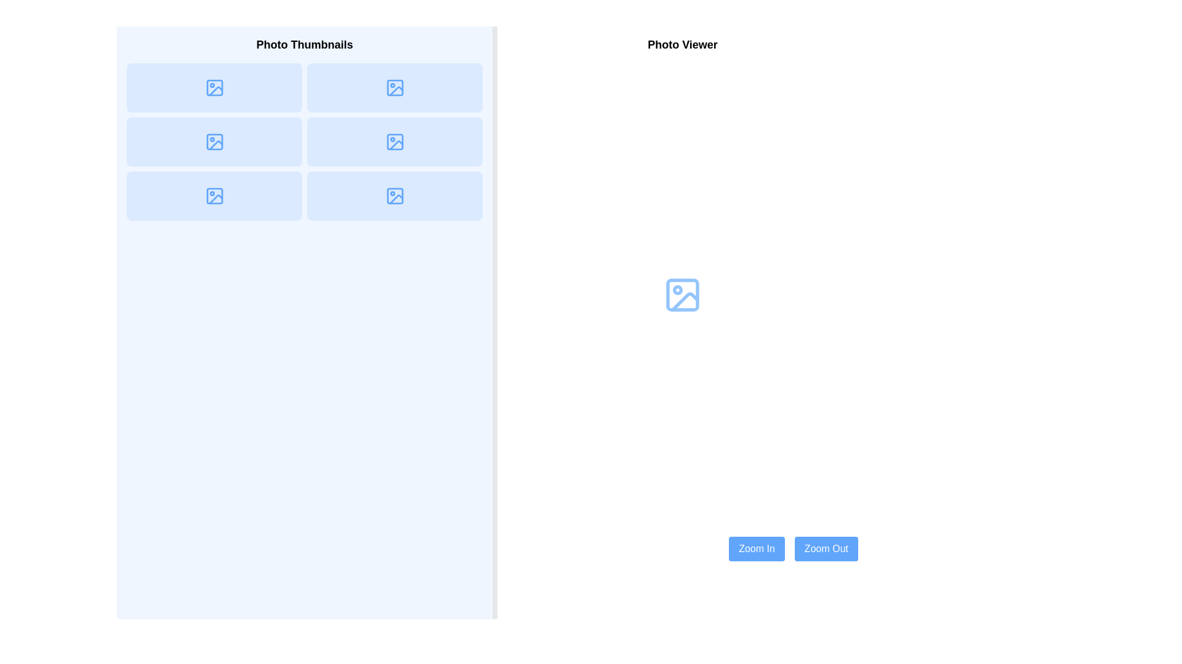  I want to click on the 'Zoom Out' button with a blue background and white text for keyboard interaction, so click(826, 548).